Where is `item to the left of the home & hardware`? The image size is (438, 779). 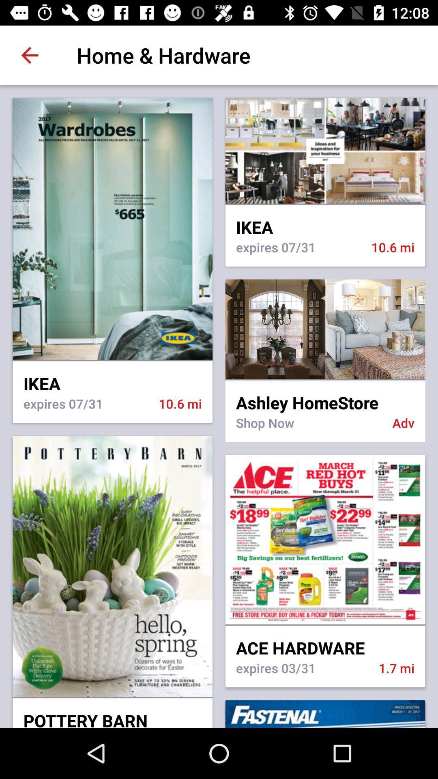
item to the left of the home & hardware is located at coordinates (29, 55).